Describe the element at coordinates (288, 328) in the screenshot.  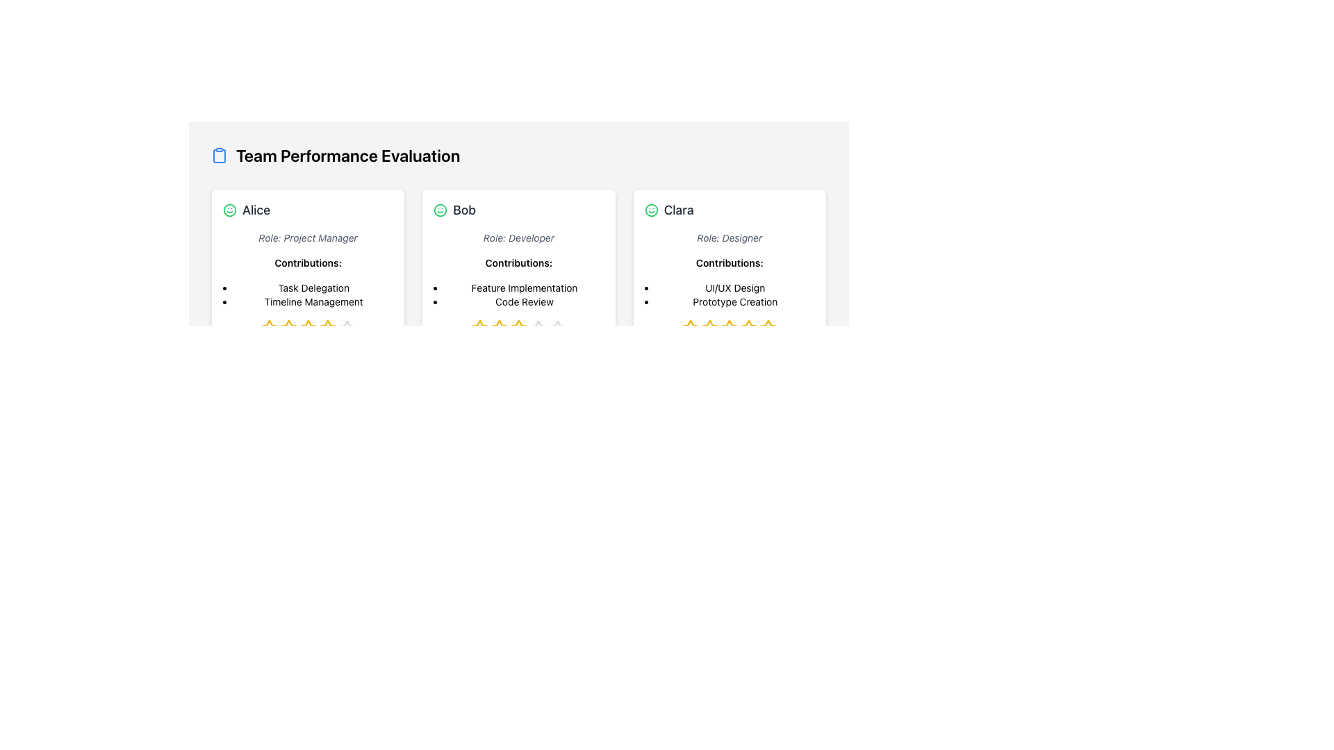
I see `the third star icon under the 'Alice' card in the Team Performance Evaluation section` at that location.